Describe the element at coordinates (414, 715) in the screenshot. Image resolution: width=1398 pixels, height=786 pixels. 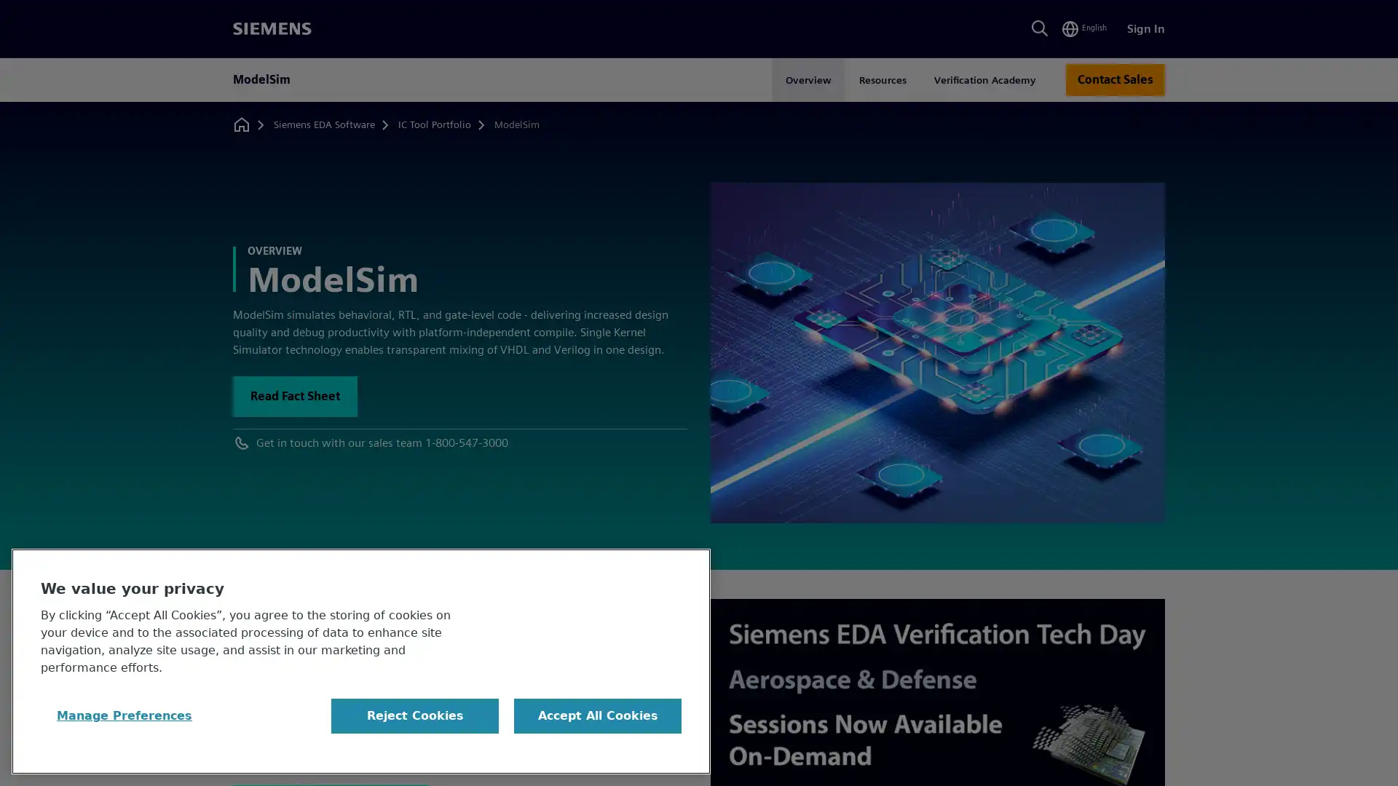
I see `Reject Cookies` at that location.